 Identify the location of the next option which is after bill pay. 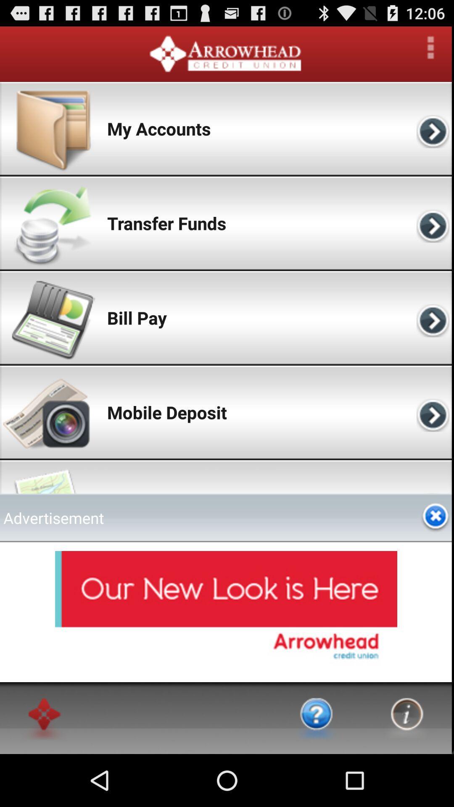
(434, 317).